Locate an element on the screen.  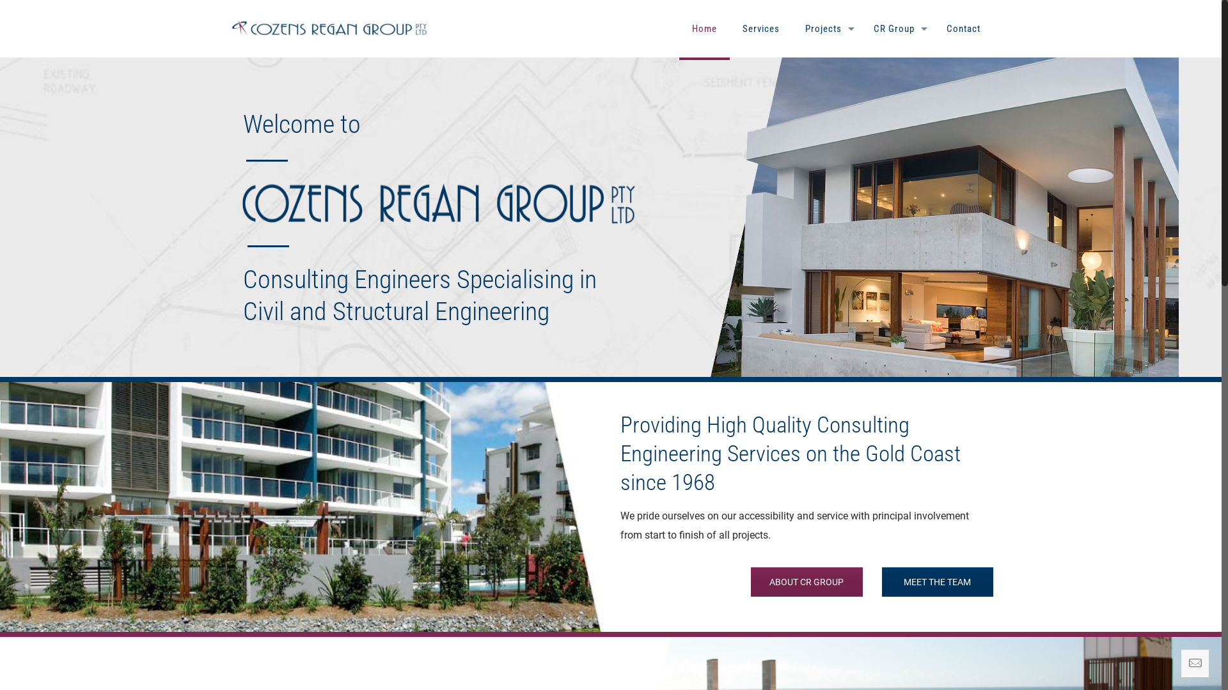
'Projects' is located at coordinates (826, 29).